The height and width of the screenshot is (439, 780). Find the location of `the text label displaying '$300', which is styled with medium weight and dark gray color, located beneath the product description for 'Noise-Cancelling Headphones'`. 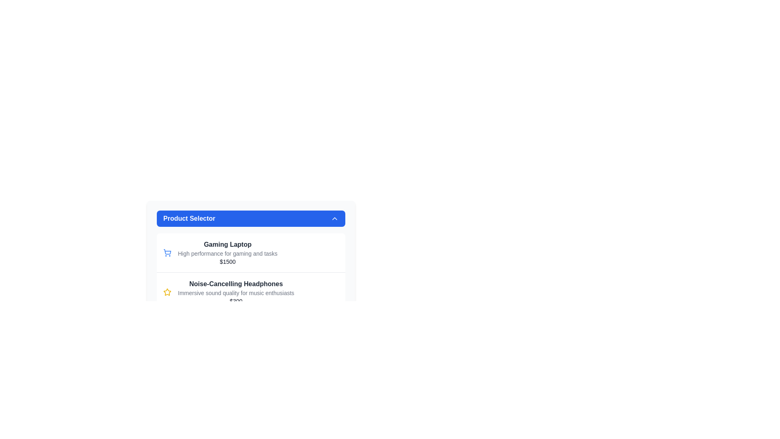

the text label displaying '$300', which is styled with medium weight and dark gray color, located beneath the product description for 'Noise-Cancelling Headphones' is located at coordinates (236, 301).